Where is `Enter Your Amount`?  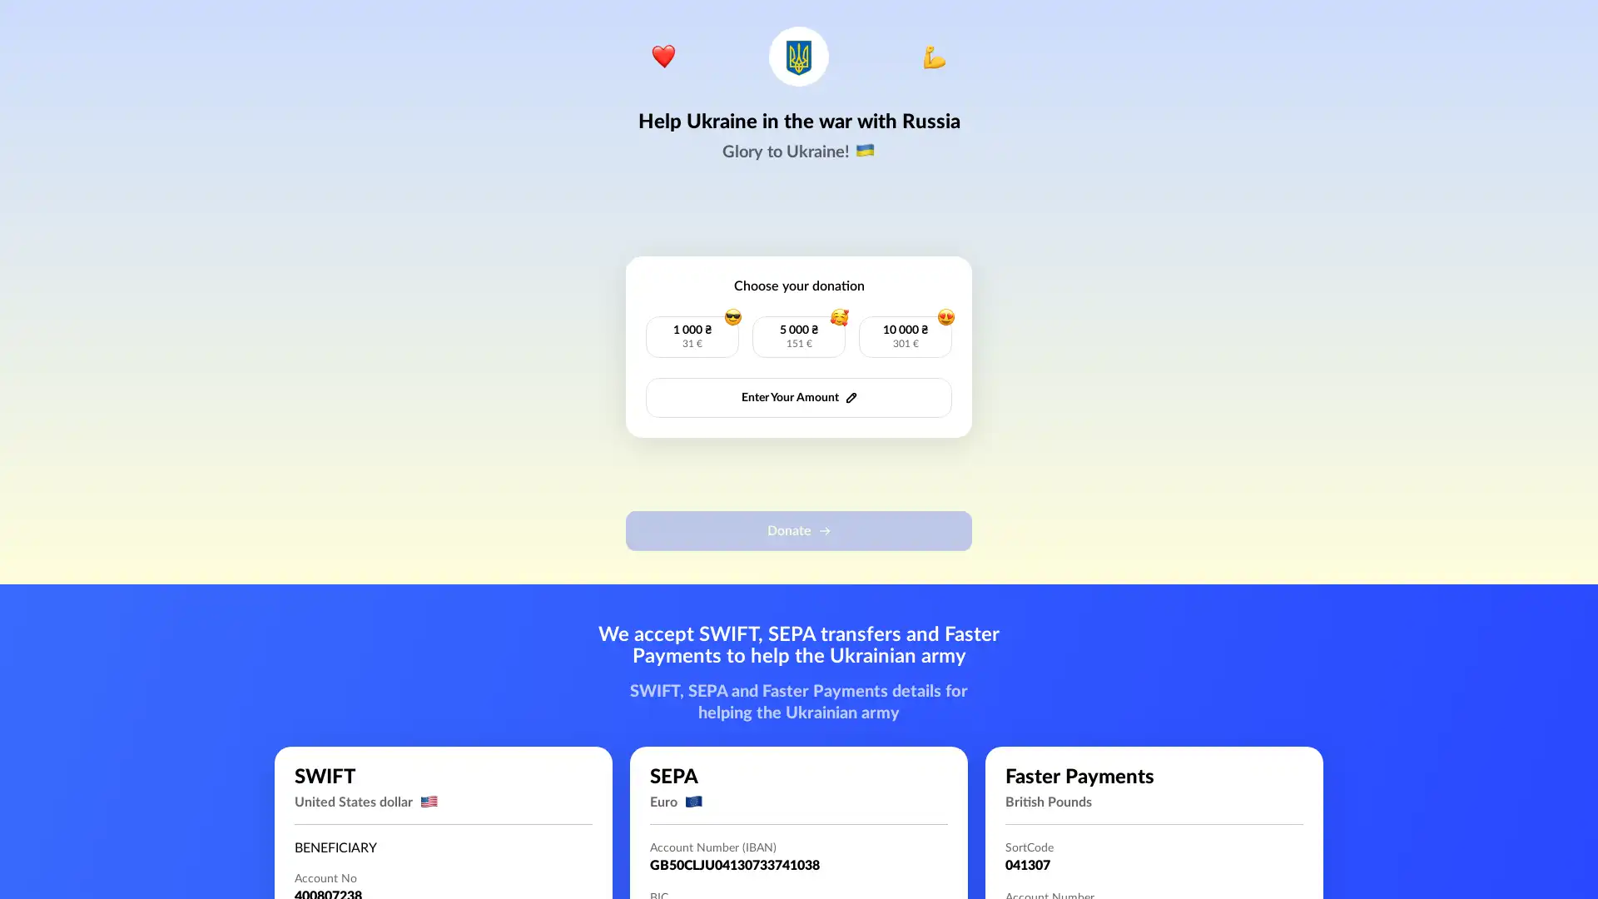 Enter Your Amount is located at coordinates (799, 398).